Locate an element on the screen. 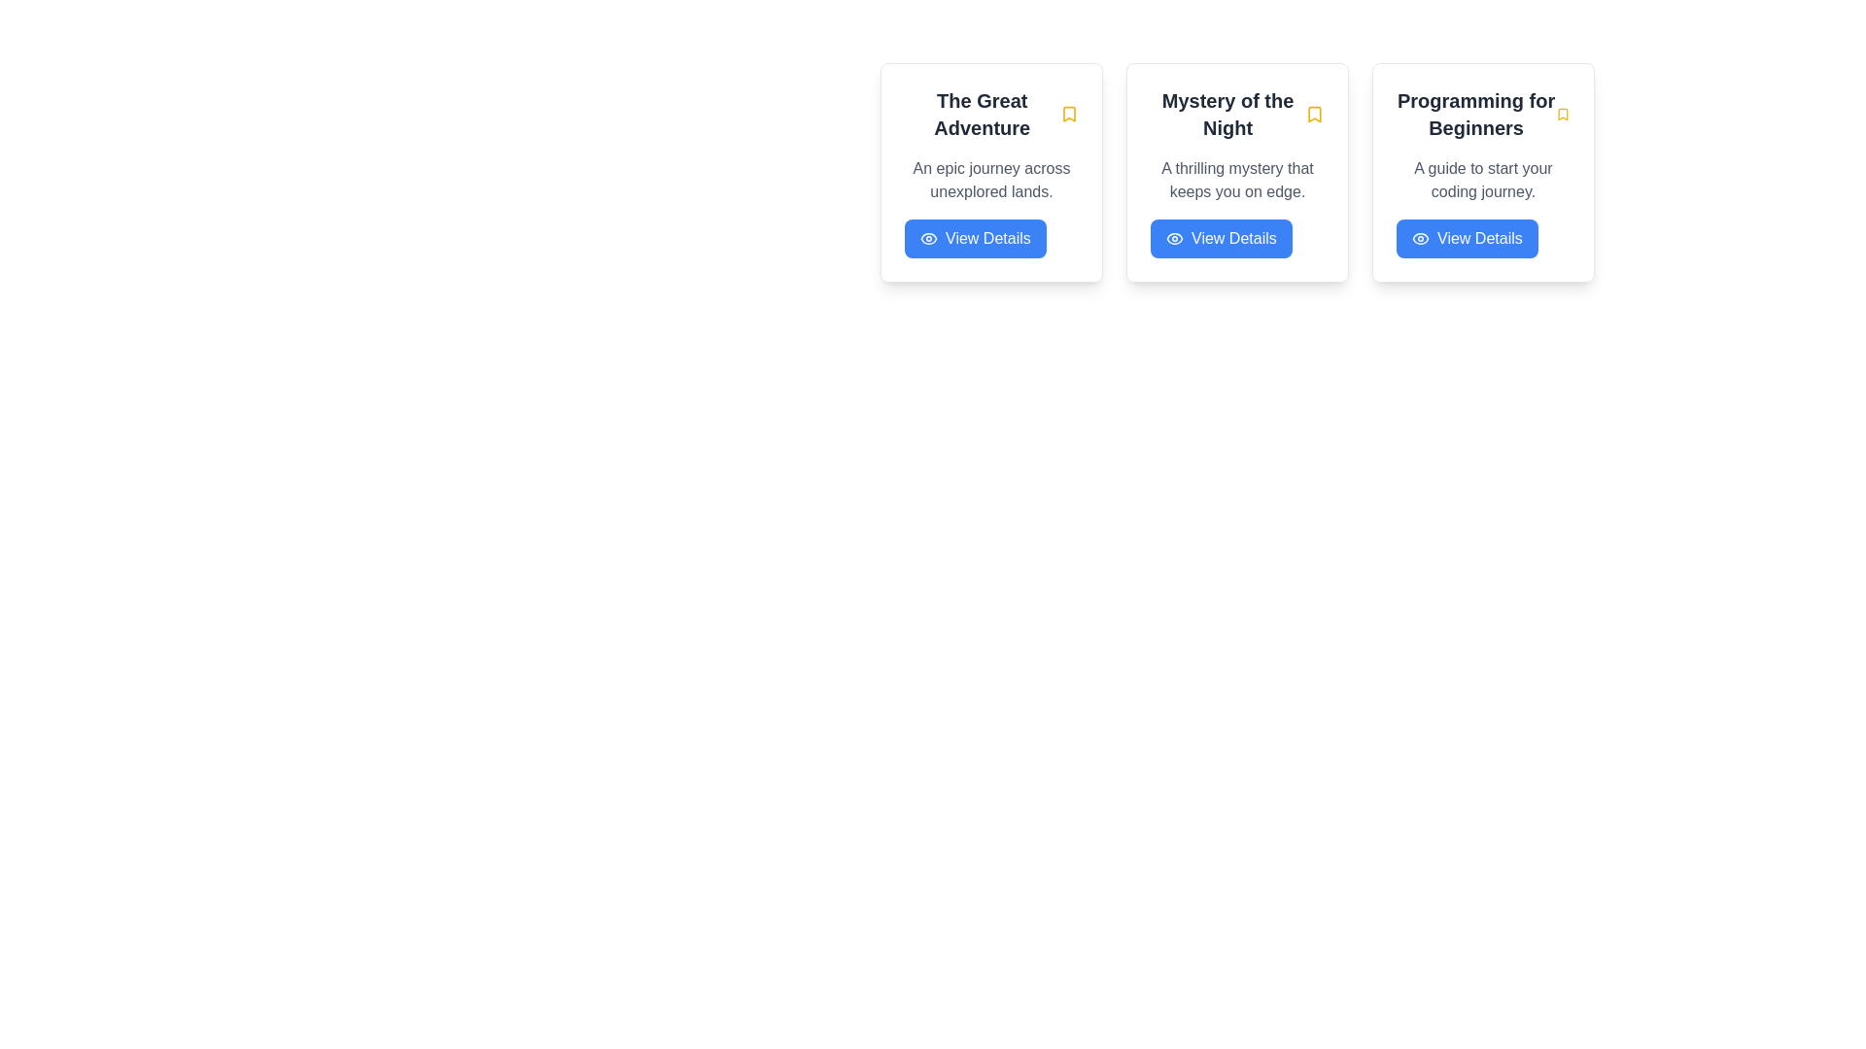 This screenshot has height=1049, width=1866. the blue button labeled 'View Details' with a white eye icon, located at the bottom of the 'Mystery of the Night' card to observe the hover effect is located at coordinates (1220, 238).